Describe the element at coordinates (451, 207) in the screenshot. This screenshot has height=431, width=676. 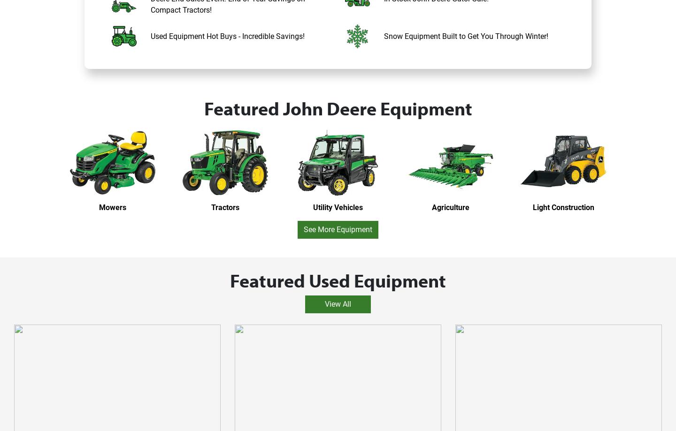
I see `'Agriculture'` at that location.